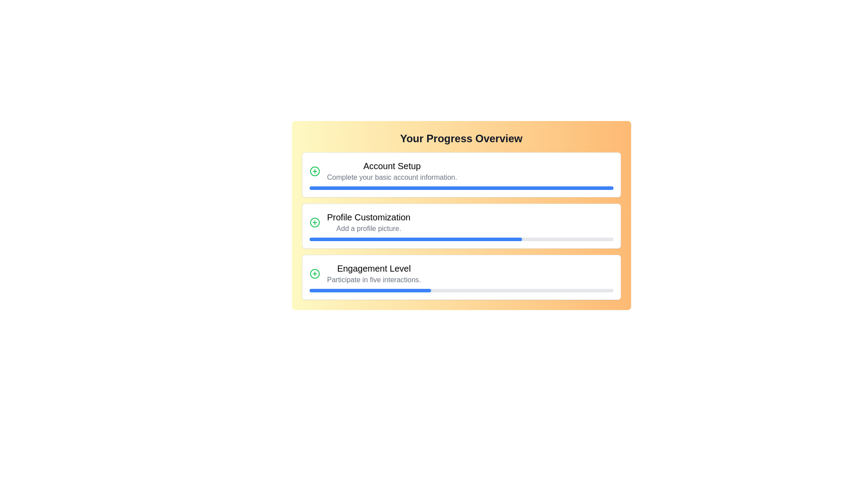 This screenshot has height=477, width=848. I want to click on the header Text Label that provides an overview of the user's account setup process, located at the top of the first progress section, so click(391, 166).